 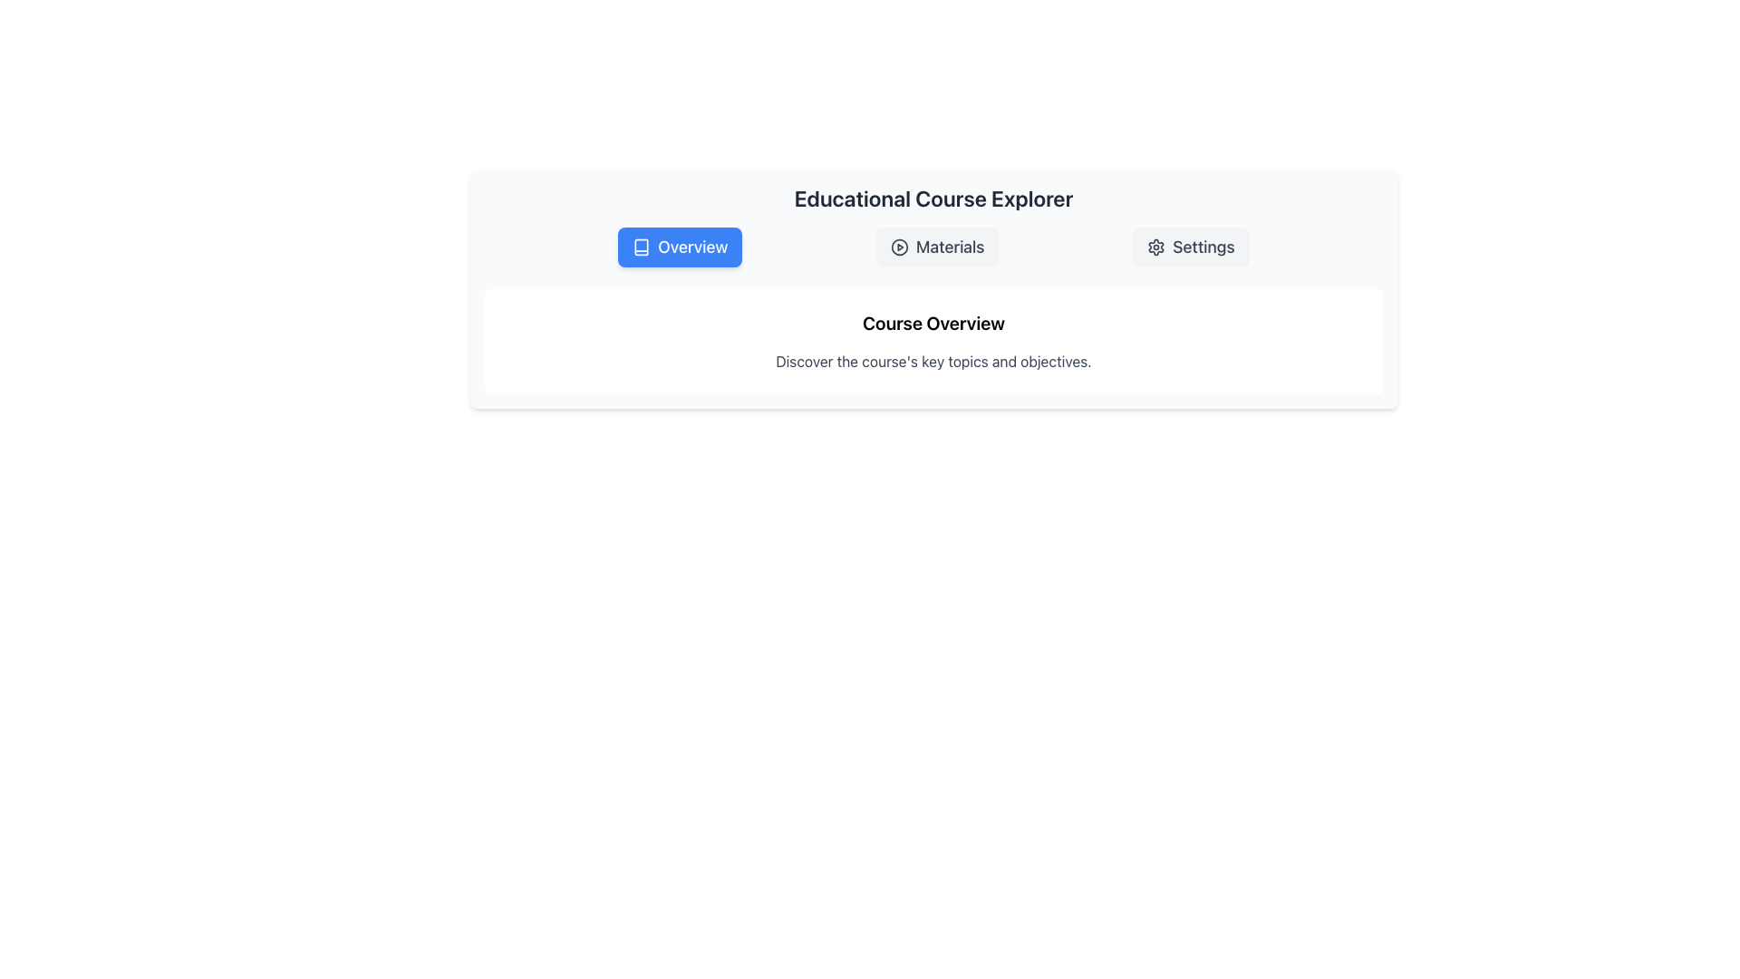 What do you see at coordinates (642, 247) in the screenshot?
I see `the 'Overview' button, which is the first button in a horizontal list of navigation options and is highlighted in blue` at bounding box center [642, 247].